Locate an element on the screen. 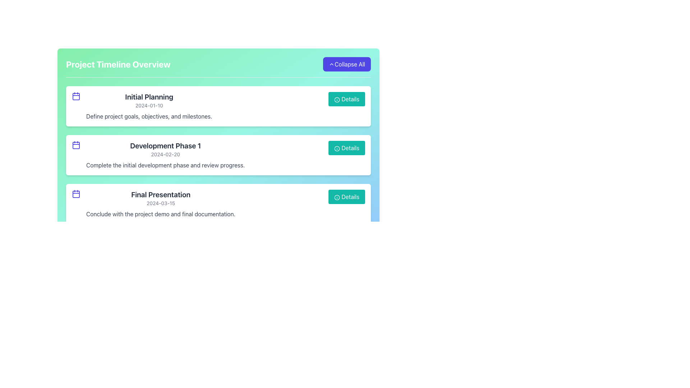 Image resolution: width=690 pixels, height=388 pixels. date information displayed in the gray text label showing '2024-01-10', which is positioned below the title 'Initial Planning' is located at coordinates (149, 105).